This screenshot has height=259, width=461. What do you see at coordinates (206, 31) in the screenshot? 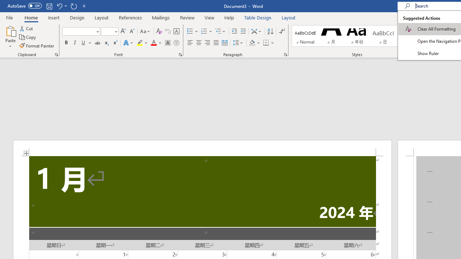
I see `'Numbering'` at bounding box center [206, 31].